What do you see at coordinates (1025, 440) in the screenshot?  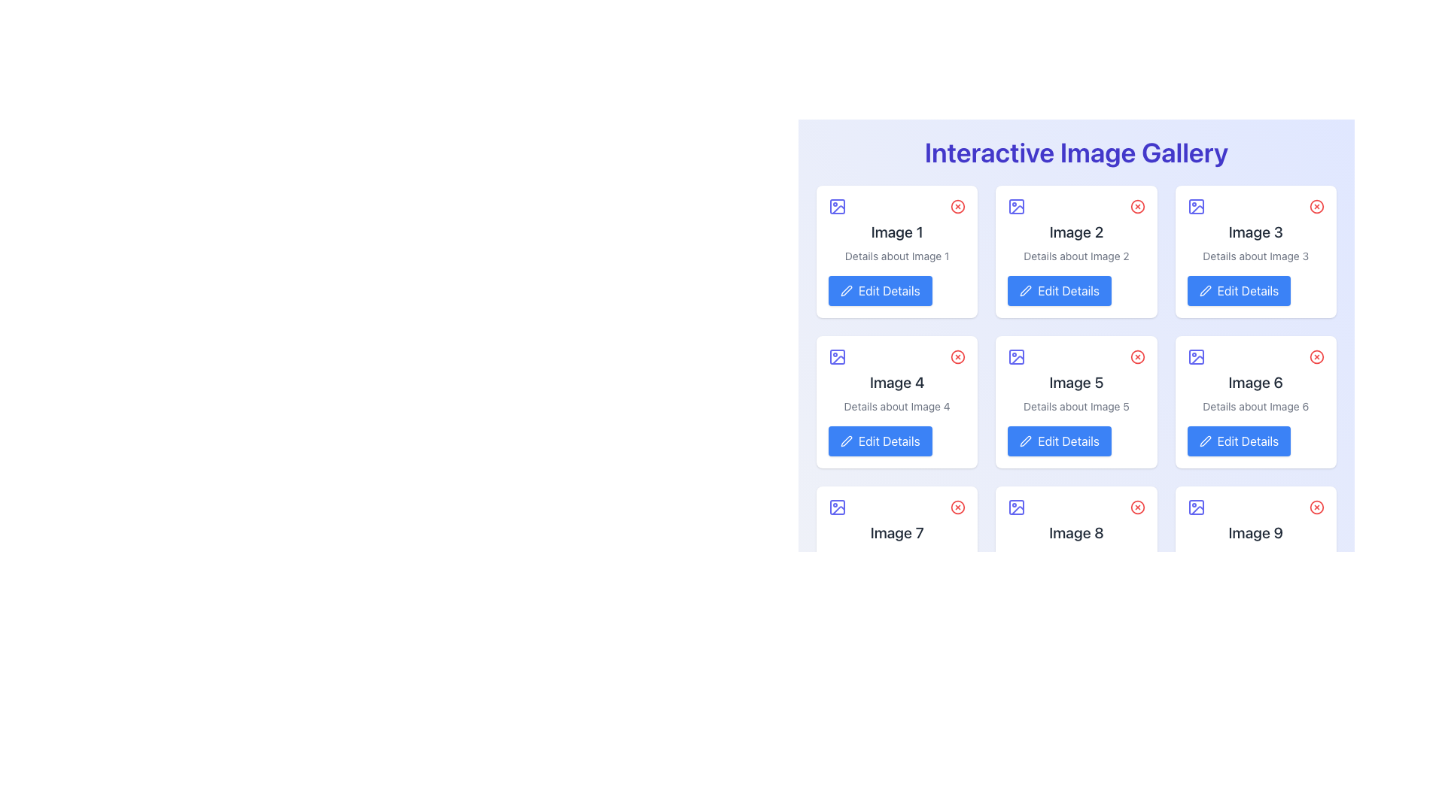 I see `the 'Edit Details' button icon for 'Image 5' located in the center column of the second row in the 3x3 grid of the 'Interactive Image Gallery'` at bounding box center [1025, 440].